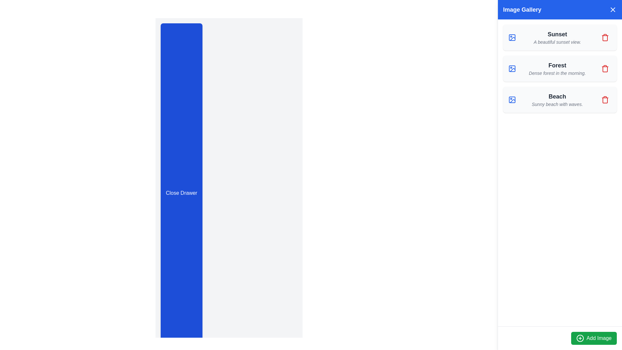  Describe the element at coordinates (605, 69) in the screenshot. I see `the trash can icon in the 'Image Gallery' section` at that location.